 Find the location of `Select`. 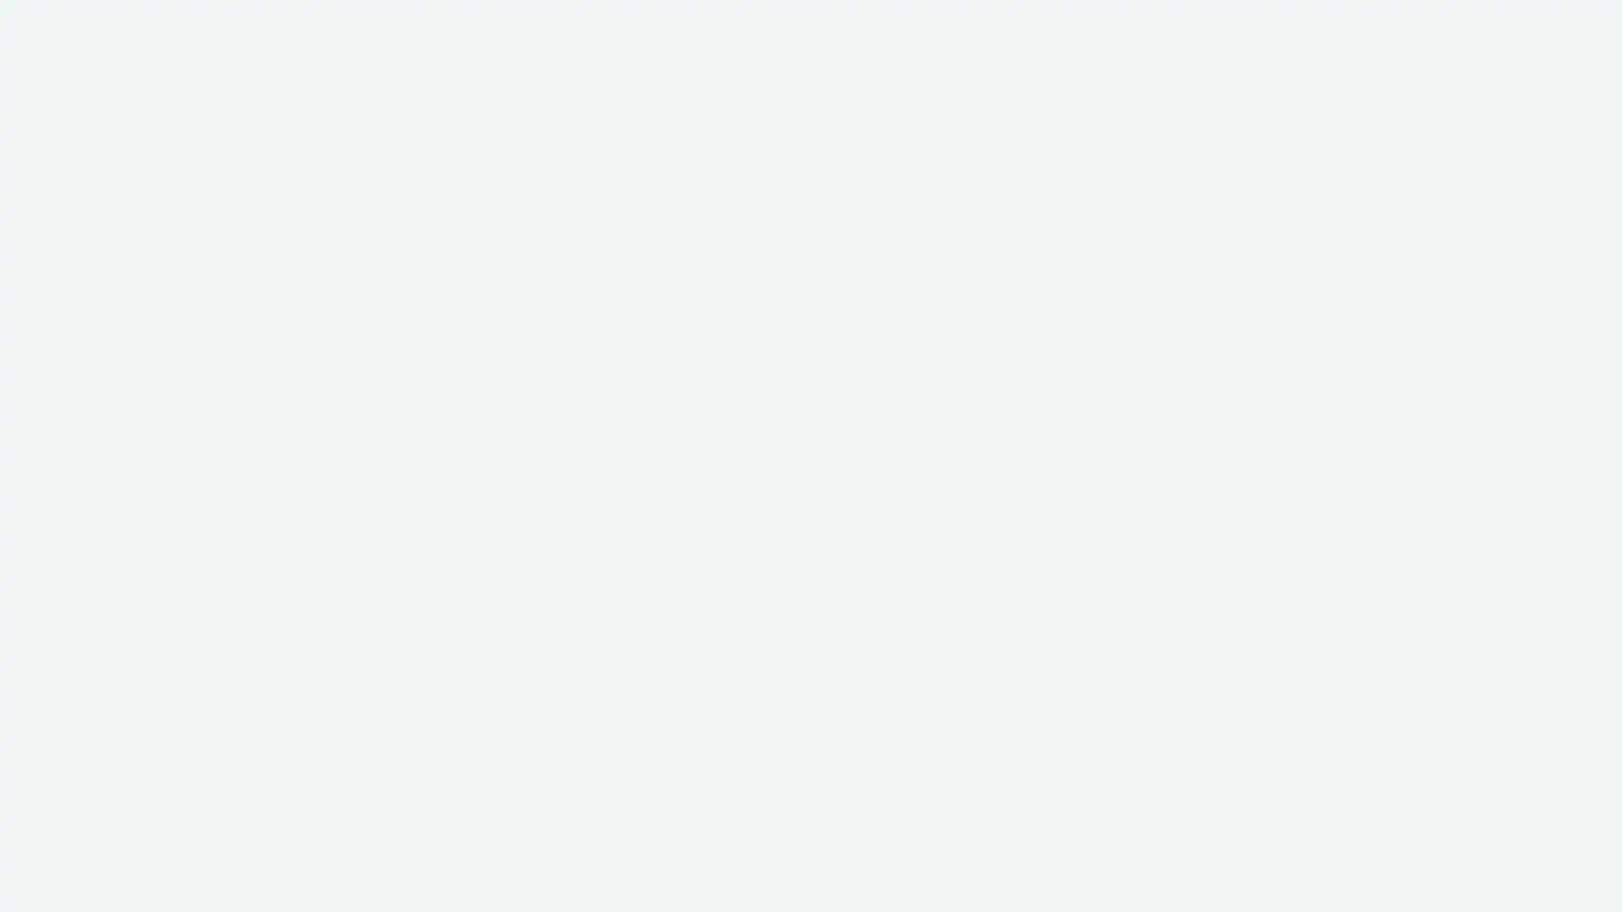

Select is located at coordinates (1163, 658).